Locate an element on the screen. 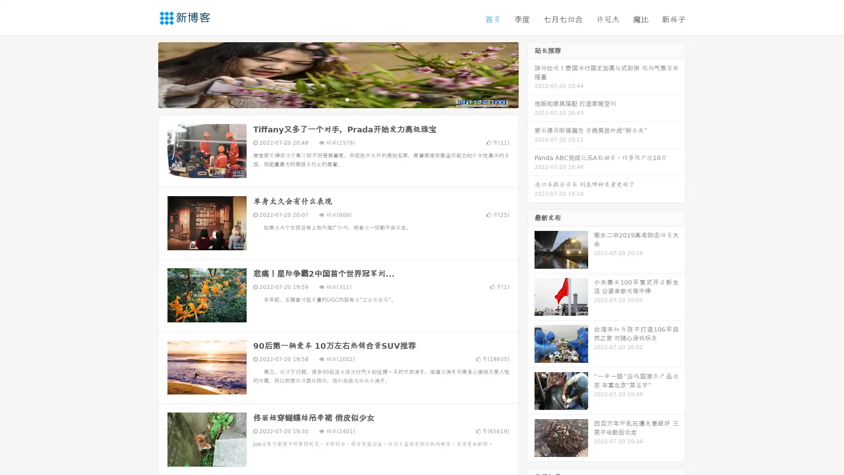 The image size is (844, 475). Go to slide 1 is located at coordinates (329, 99).